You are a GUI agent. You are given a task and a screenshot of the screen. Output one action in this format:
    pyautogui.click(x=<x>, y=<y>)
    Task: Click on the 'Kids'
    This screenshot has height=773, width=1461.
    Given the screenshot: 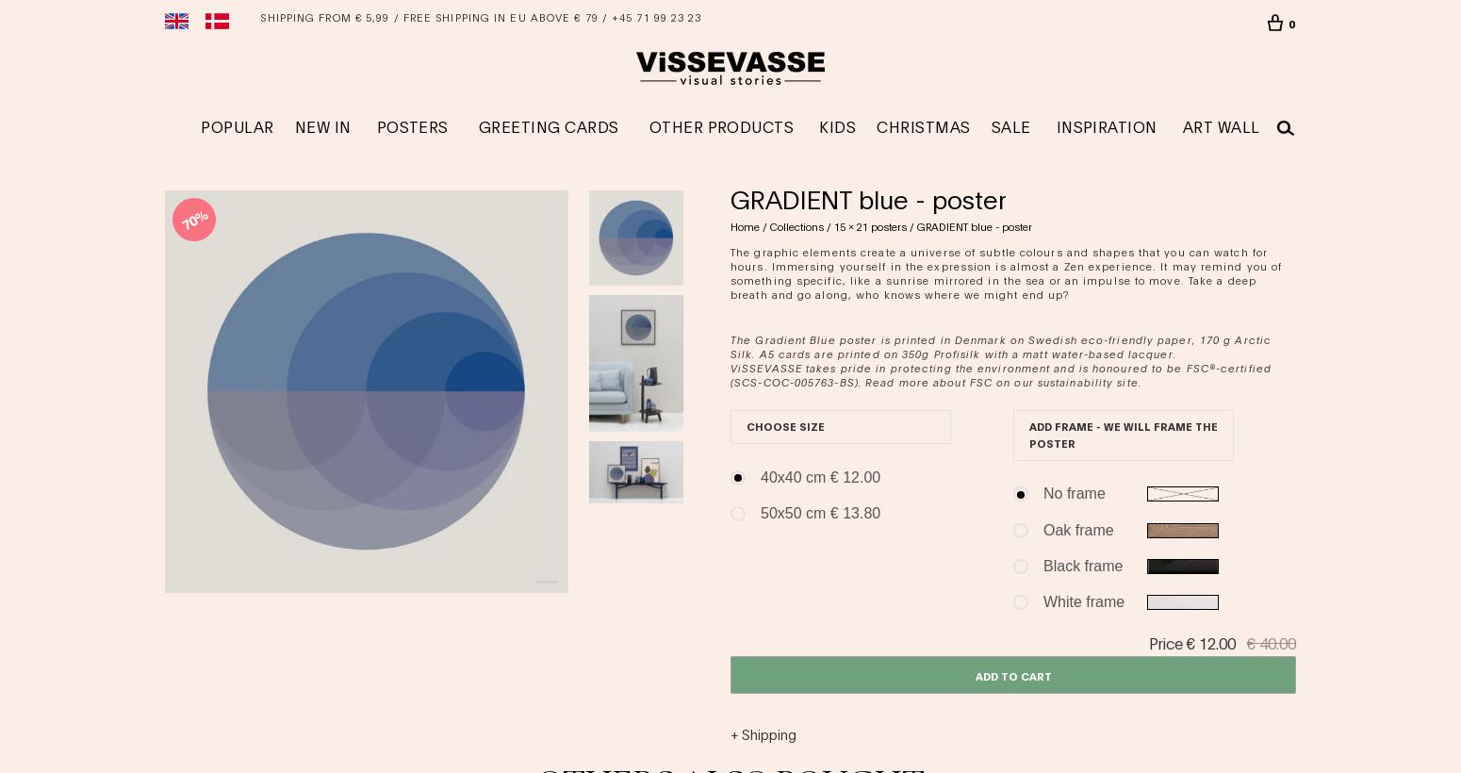 What is the action you would take?
    pyautogui.click(x=837, y=124)
    